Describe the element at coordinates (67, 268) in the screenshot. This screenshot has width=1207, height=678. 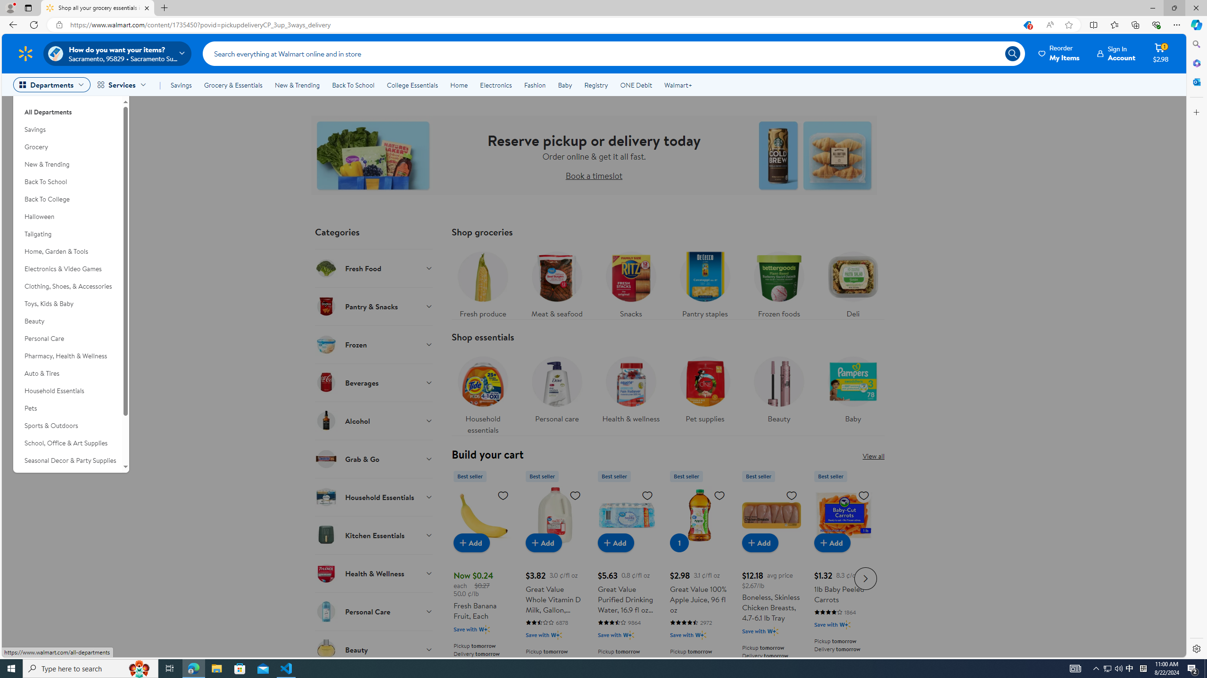
I see `'Electronics & Video Games'` at that location.